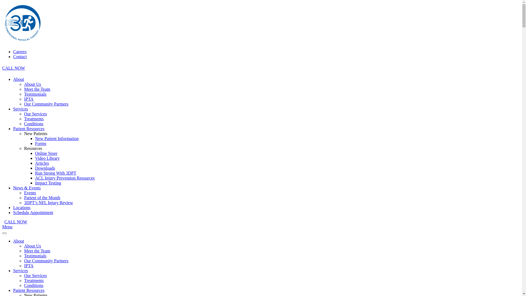  Describe the element at coordinates (13, 56) in the screenshot. I see `'Contact'` at that location.